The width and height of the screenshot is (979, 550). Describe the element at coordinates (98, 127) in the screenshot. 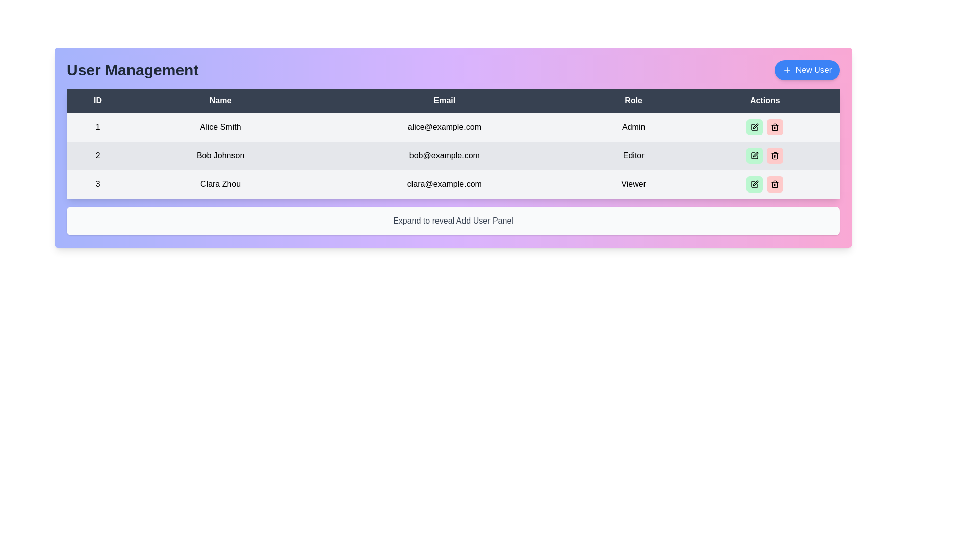

I see `displayed value of the static text label representing the unique identifier for the user 'Alice Smith' in the top-left section of the table under the 'ID' header` at that location.